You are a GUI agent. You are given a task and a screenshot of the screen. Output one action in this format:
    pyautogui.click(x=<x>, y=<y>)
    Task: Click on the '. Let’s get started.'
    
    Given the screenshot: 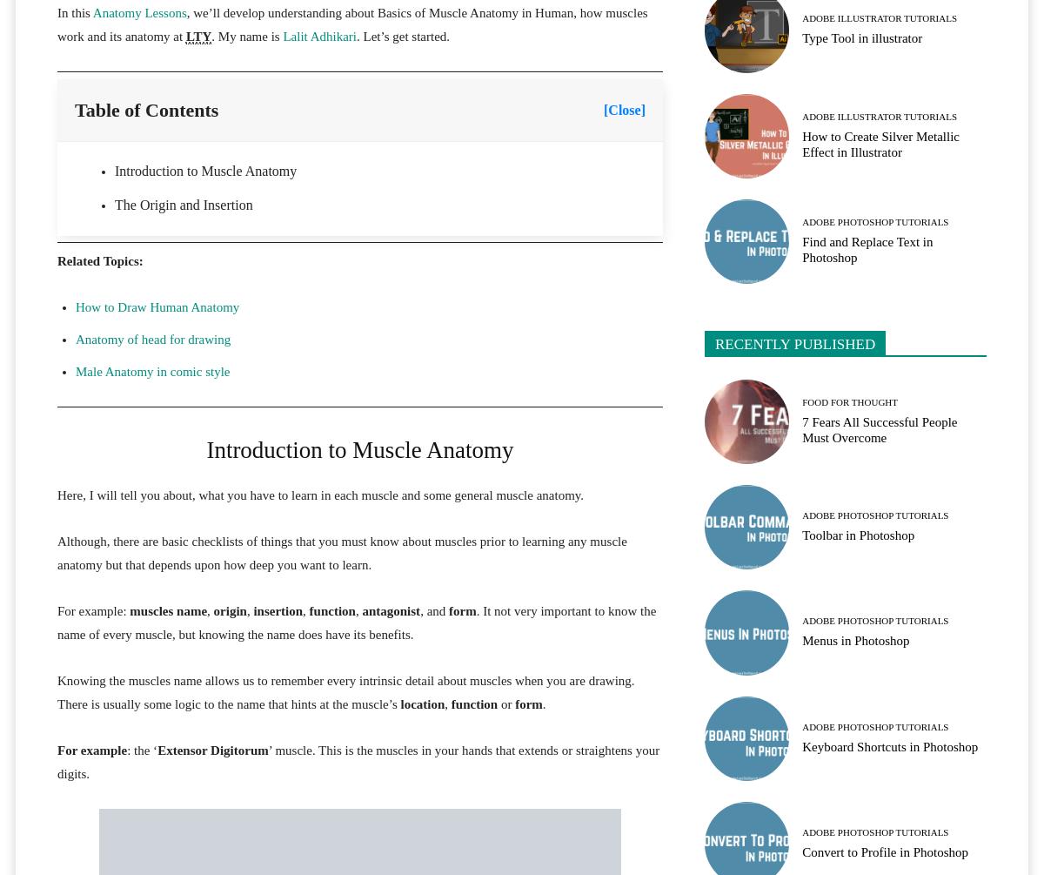 What is the action you would take?
    pyautogui.click(x=402, y=37)
    